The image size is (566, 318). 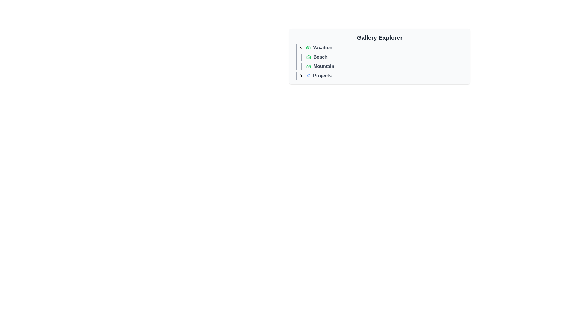 I want to click on the small camera icon with a green outline, located to the immediate left of the text 'Beach', so click(x=308, y=57).